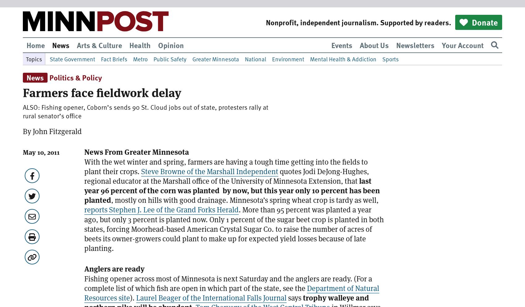 Image resolution: width=525 pixels, height=307 pixels. I want to click on 'Politics & Policy', so click(75, 77).